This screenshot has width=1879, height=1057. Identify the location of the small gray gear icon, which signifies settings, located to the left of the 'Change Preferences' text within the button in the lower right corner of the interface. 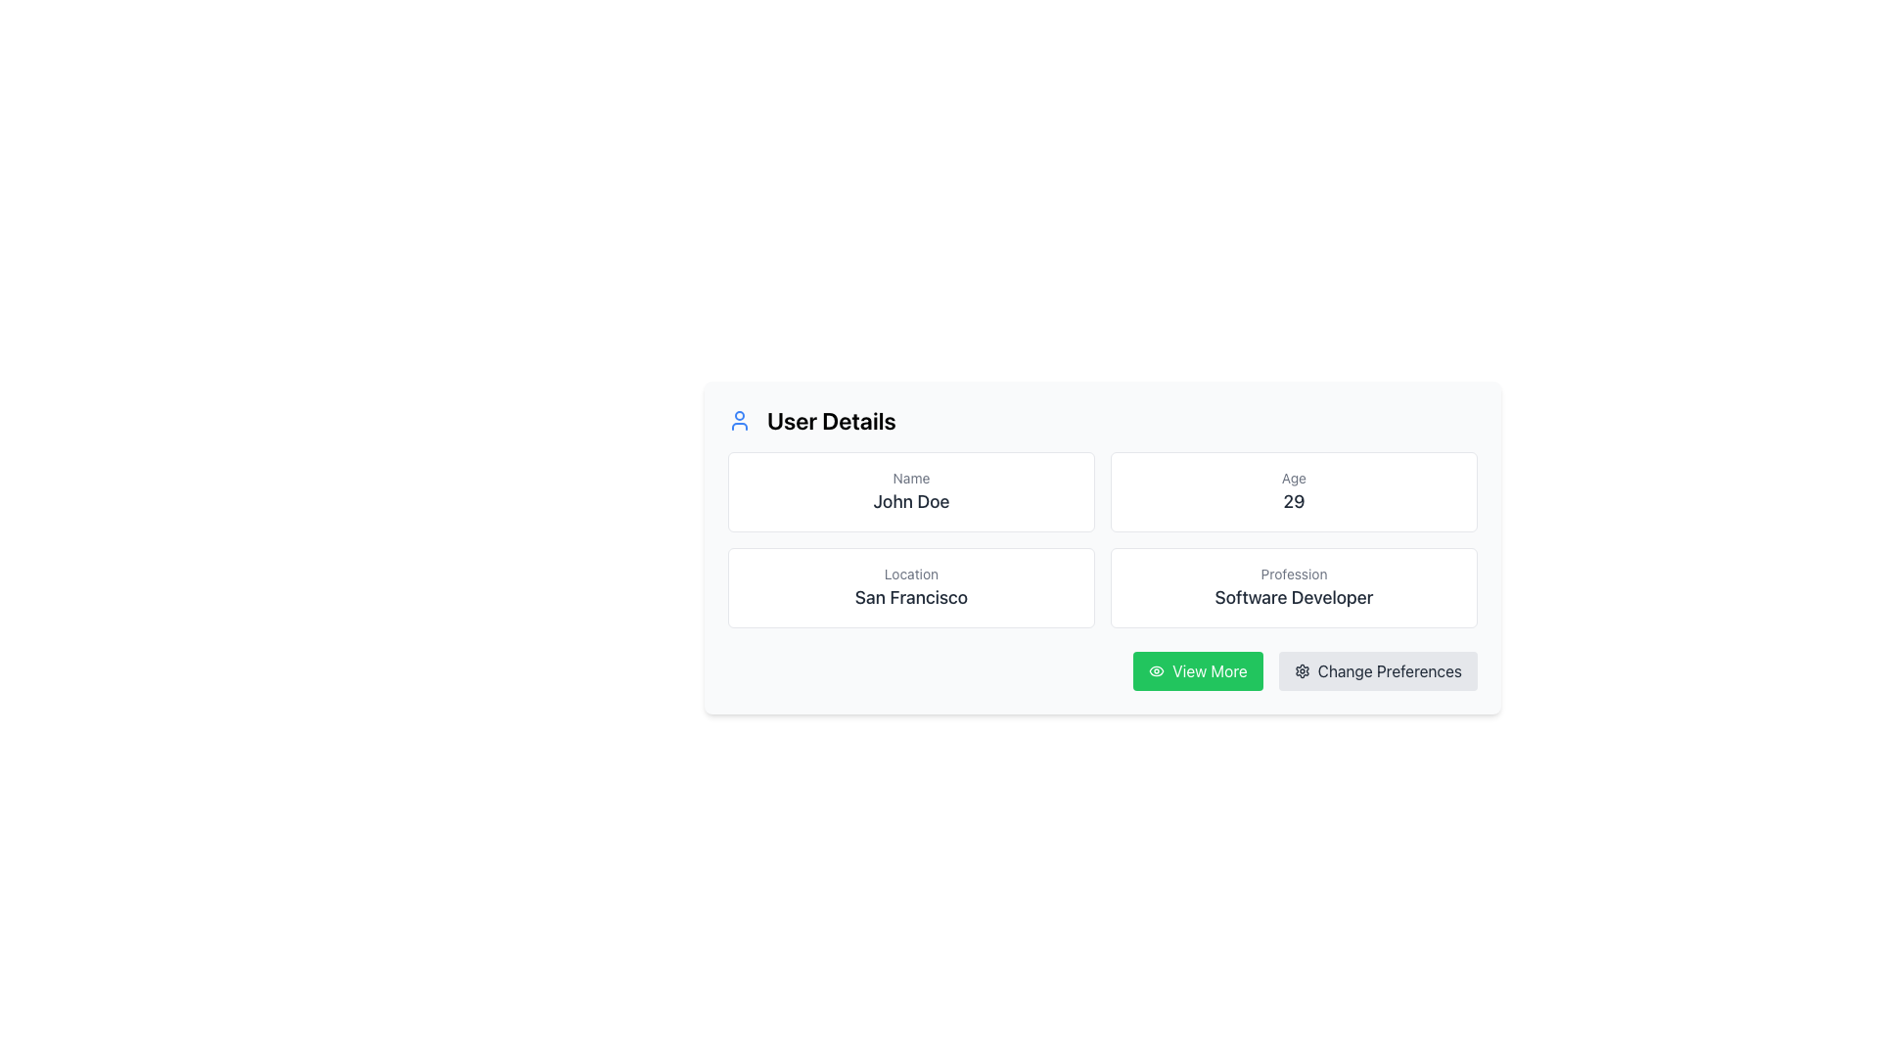
(1302, 670).